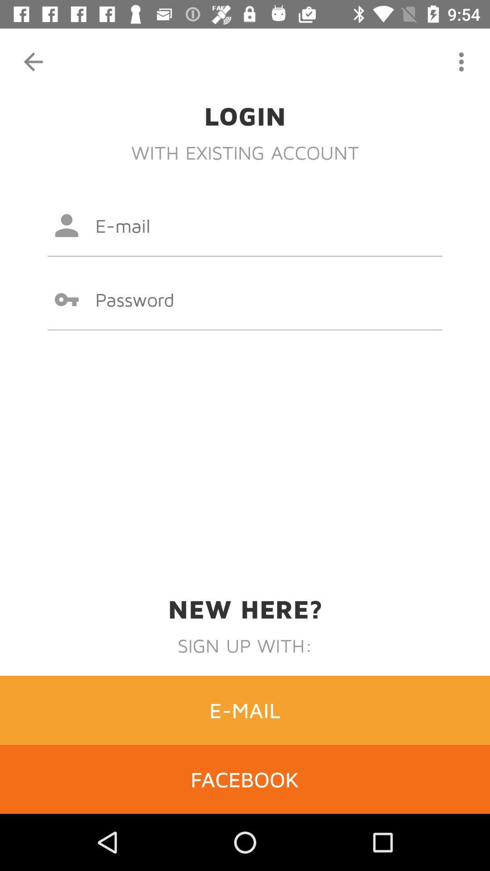  I want to click on icon below the with existing account icon, so click(245, 225).